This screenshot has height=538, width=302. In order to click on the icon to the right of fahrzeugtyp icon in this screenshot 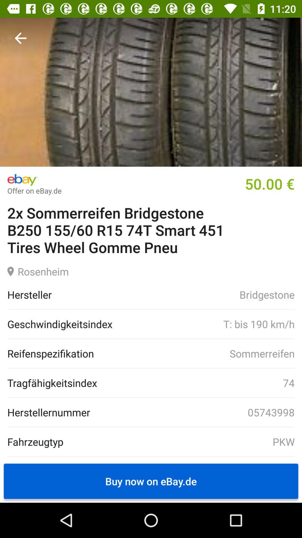, I will do `click(179, 441)`.